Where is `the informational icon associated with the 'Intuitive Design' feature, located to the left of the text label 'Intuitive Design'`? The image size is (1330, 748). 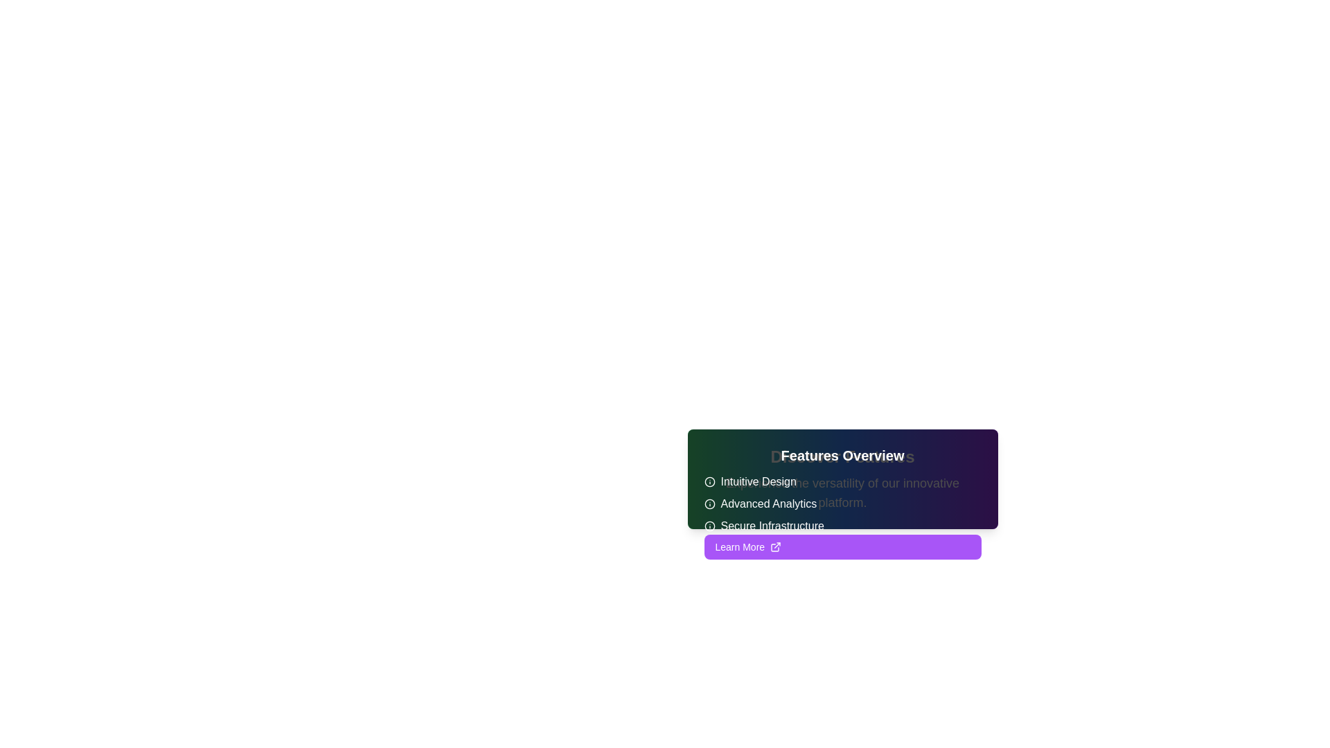
the informational icon associated with the 'Intuitive Design' feature, located to the left of the text label 'Intuitive Design' is located at coordinates (709, 481).